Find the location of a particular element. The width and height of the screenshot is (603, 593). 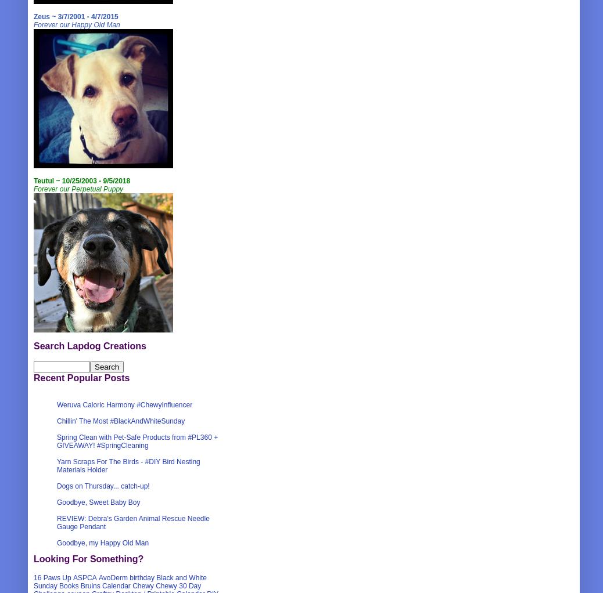

'REVIEW: Debra's Garden Animal Rescue Needle Gauge Pendant' is located at coordinates (132, 522).